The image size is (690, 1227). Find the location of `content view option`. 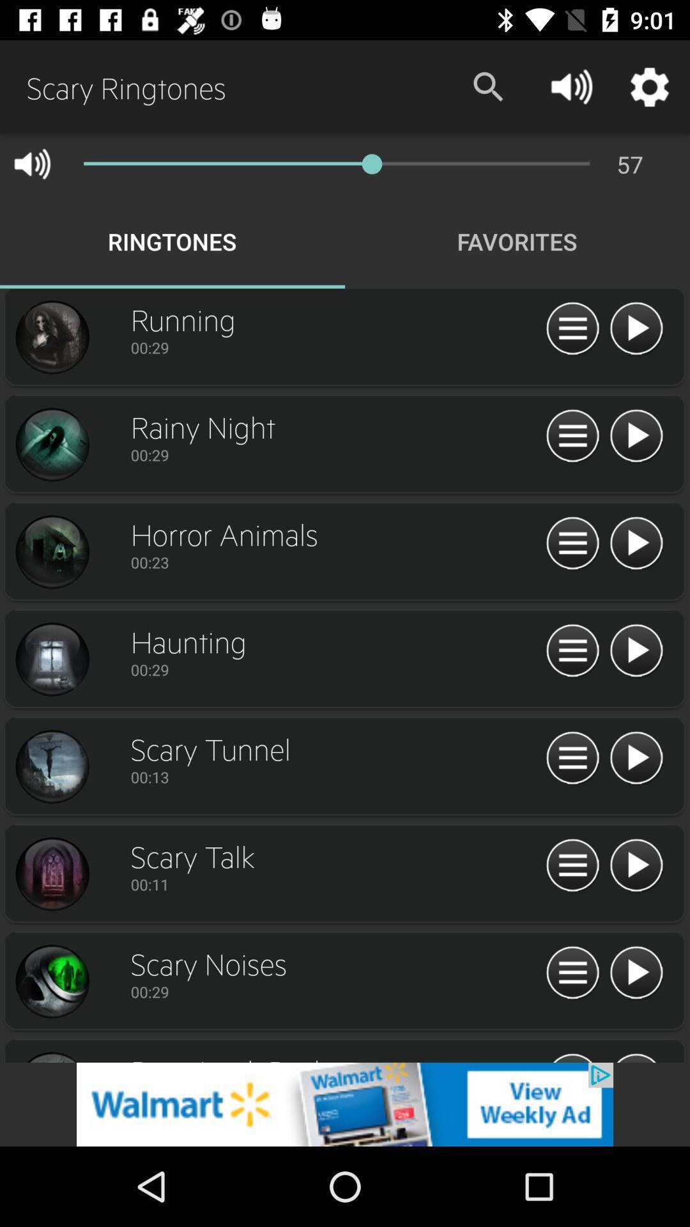

content view option is located at coordinates (572, 329).